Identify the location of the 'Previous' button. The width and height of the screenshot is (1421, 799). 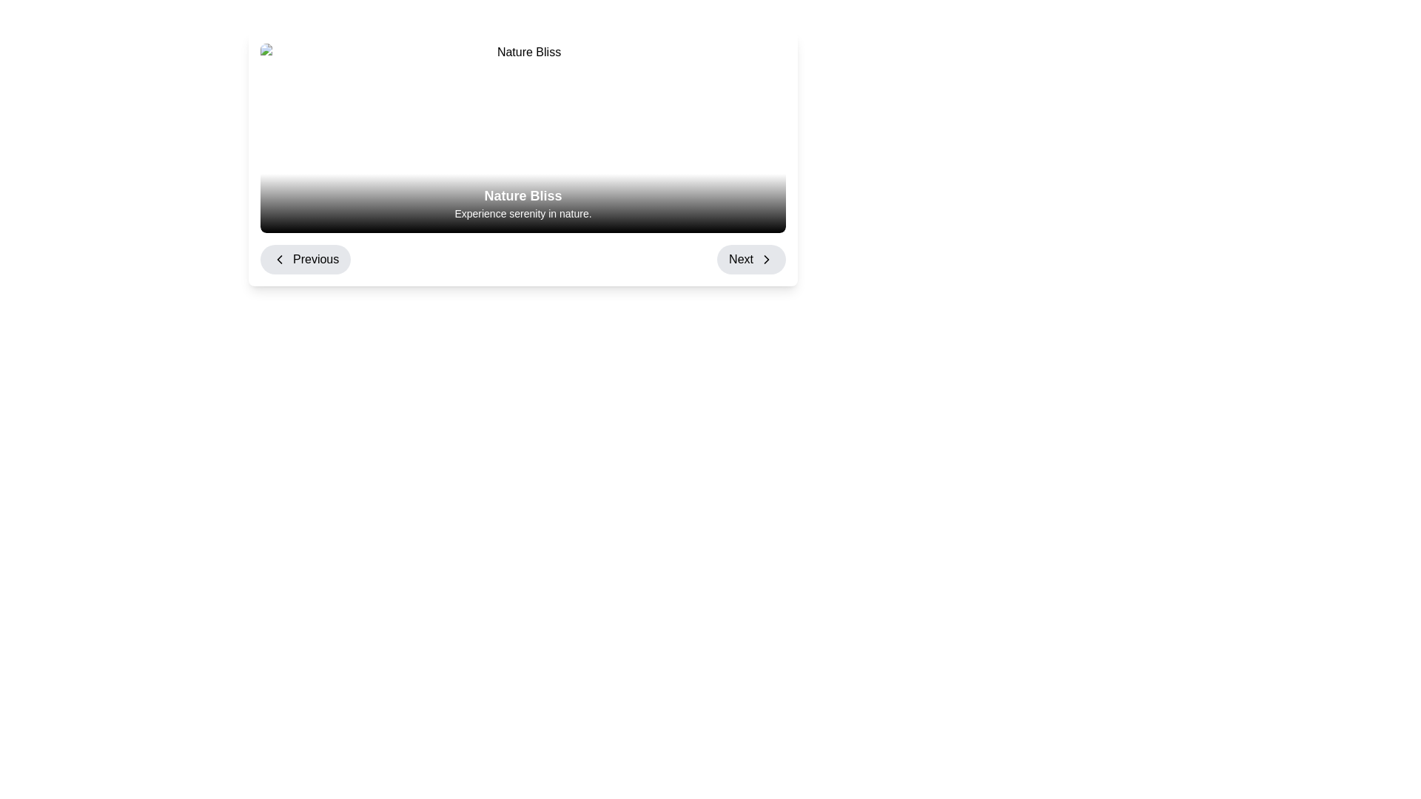
(305, 259).